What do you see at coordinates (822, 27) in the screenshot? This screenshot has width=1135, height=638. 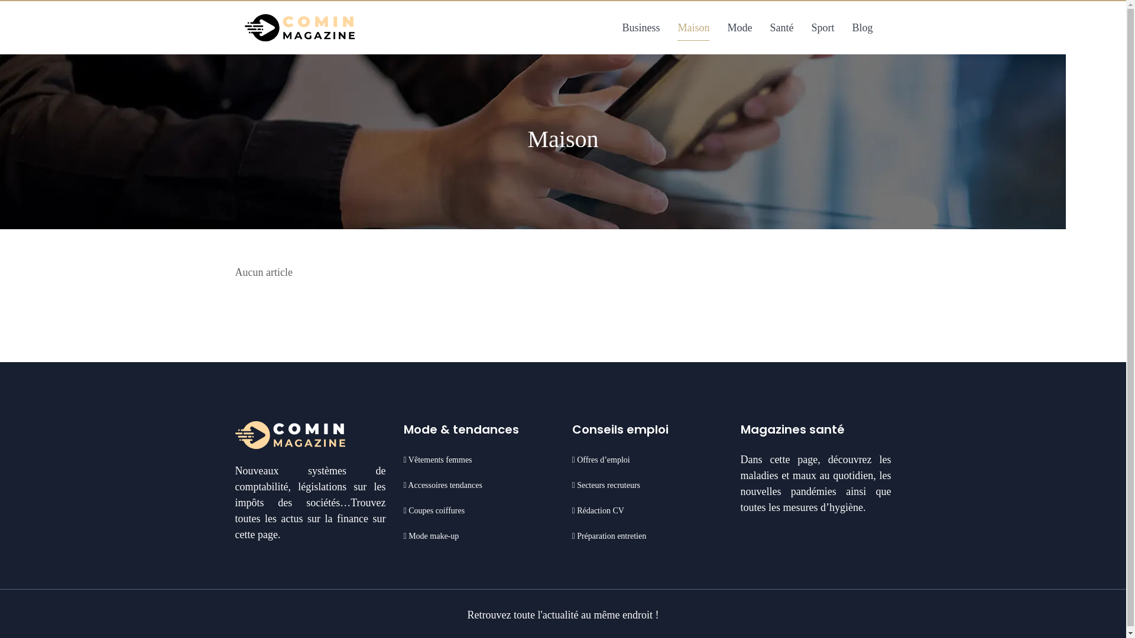 I see `'Sport'` at bounding box center [822, 27].